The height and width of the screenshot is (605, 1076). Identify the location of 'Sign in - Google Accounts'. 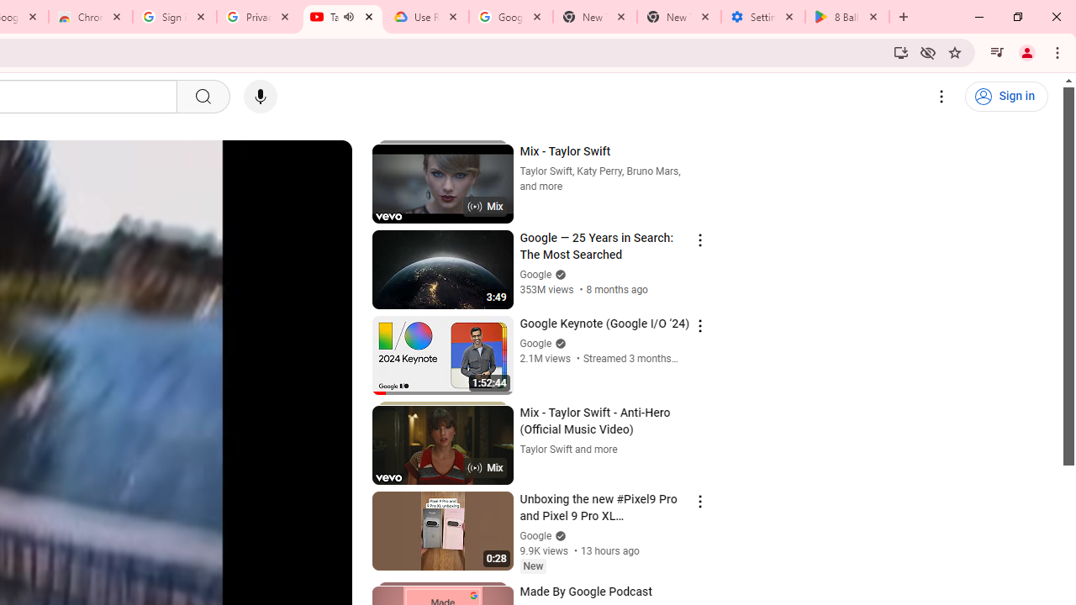
(175, 17).